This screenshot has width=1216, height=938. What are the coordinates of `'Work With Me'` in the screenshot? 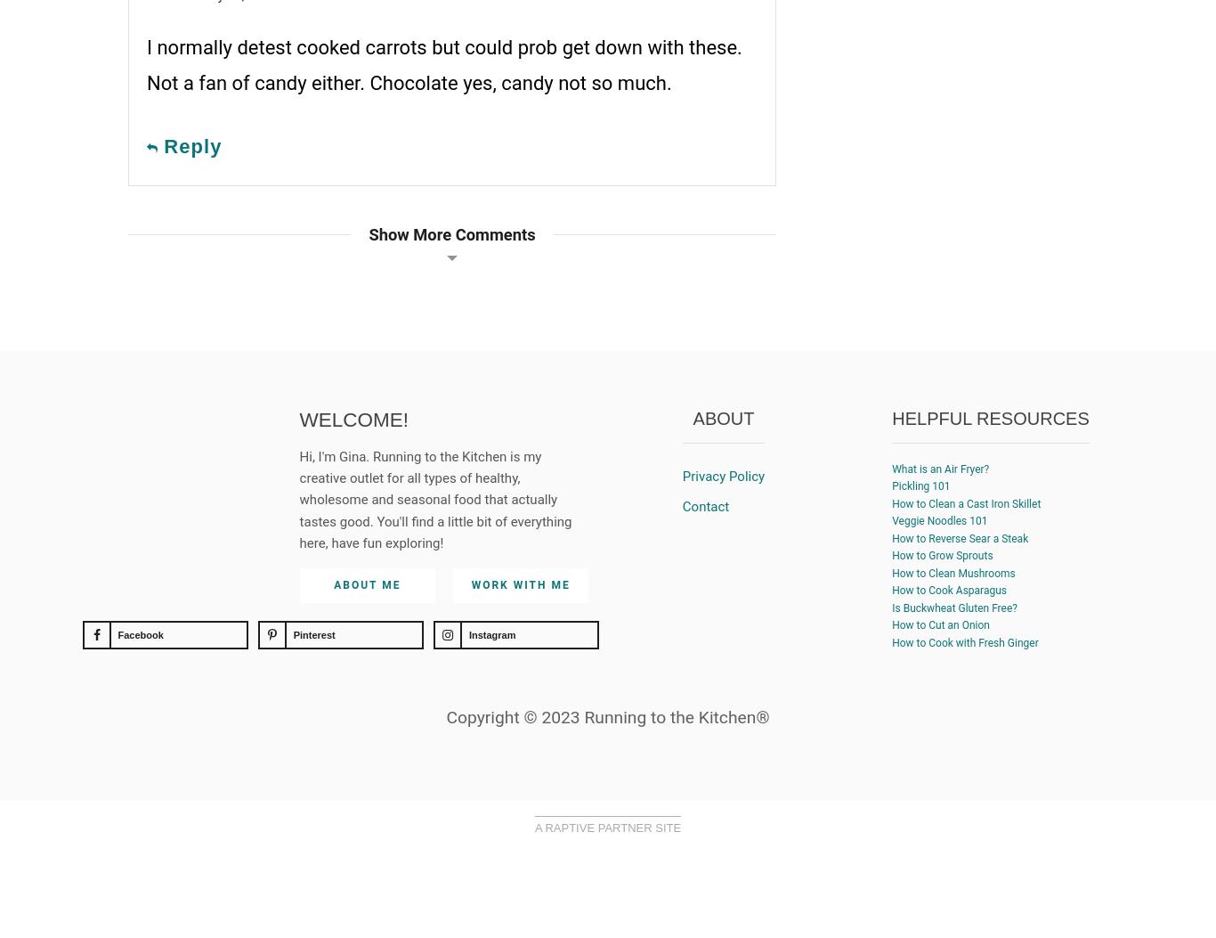 It's located at (519, 583).